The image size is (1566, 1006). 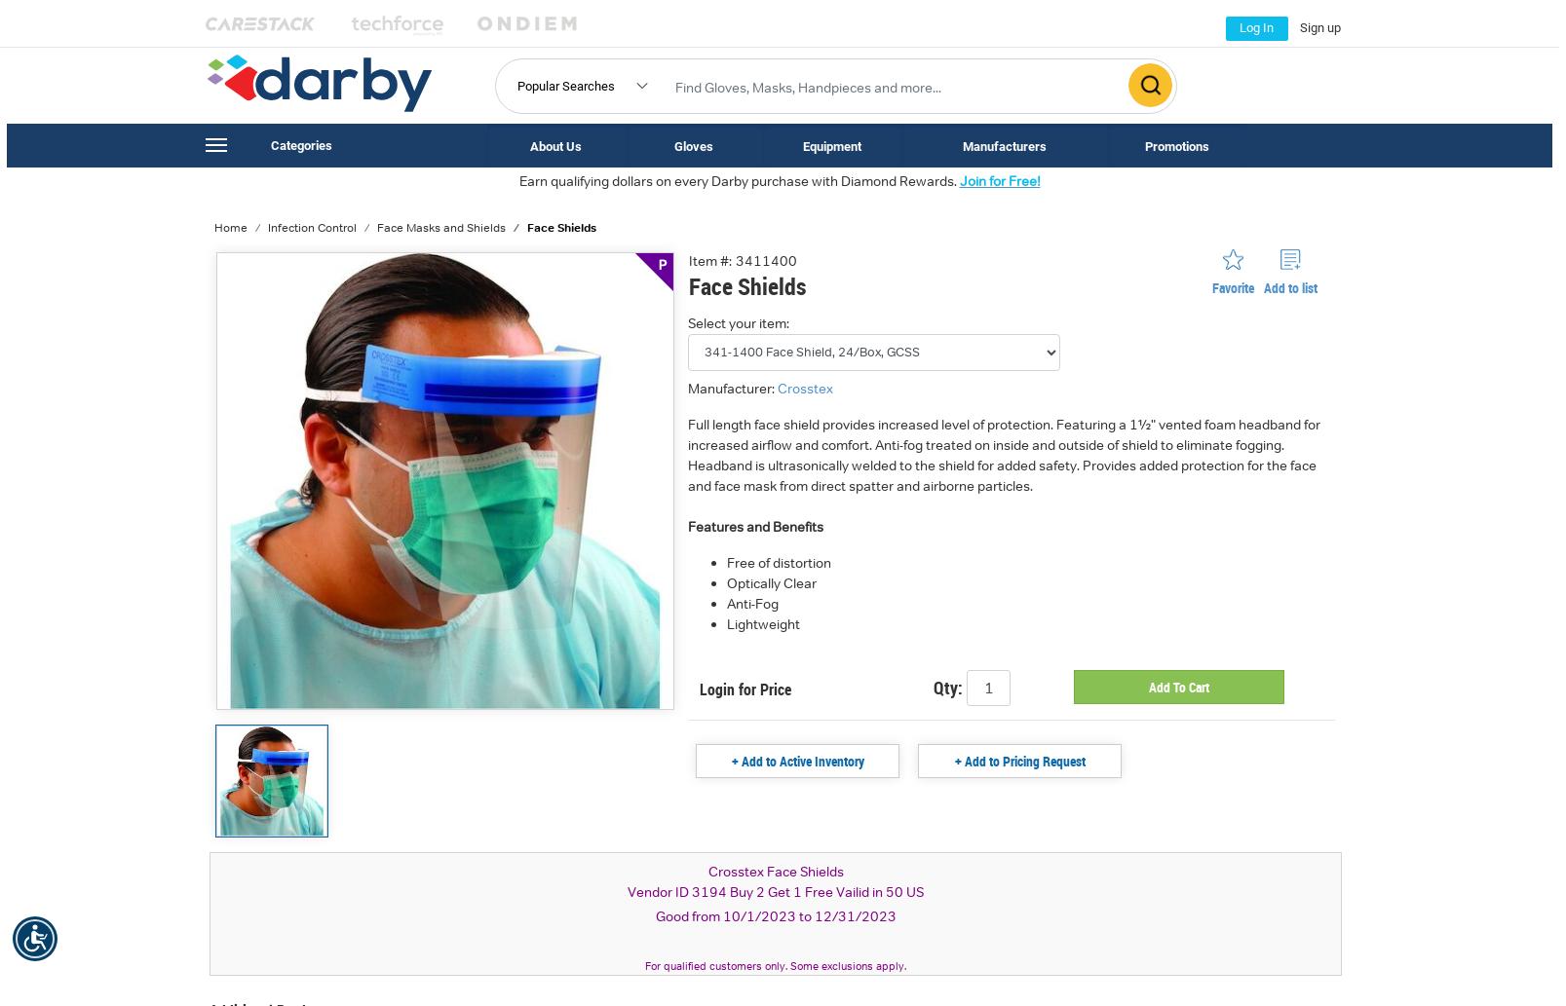 What do you see at coordinates (440, 226) in the screenshot?
I see `'Face Masks and Shields'` at bounding box center [440, 226].